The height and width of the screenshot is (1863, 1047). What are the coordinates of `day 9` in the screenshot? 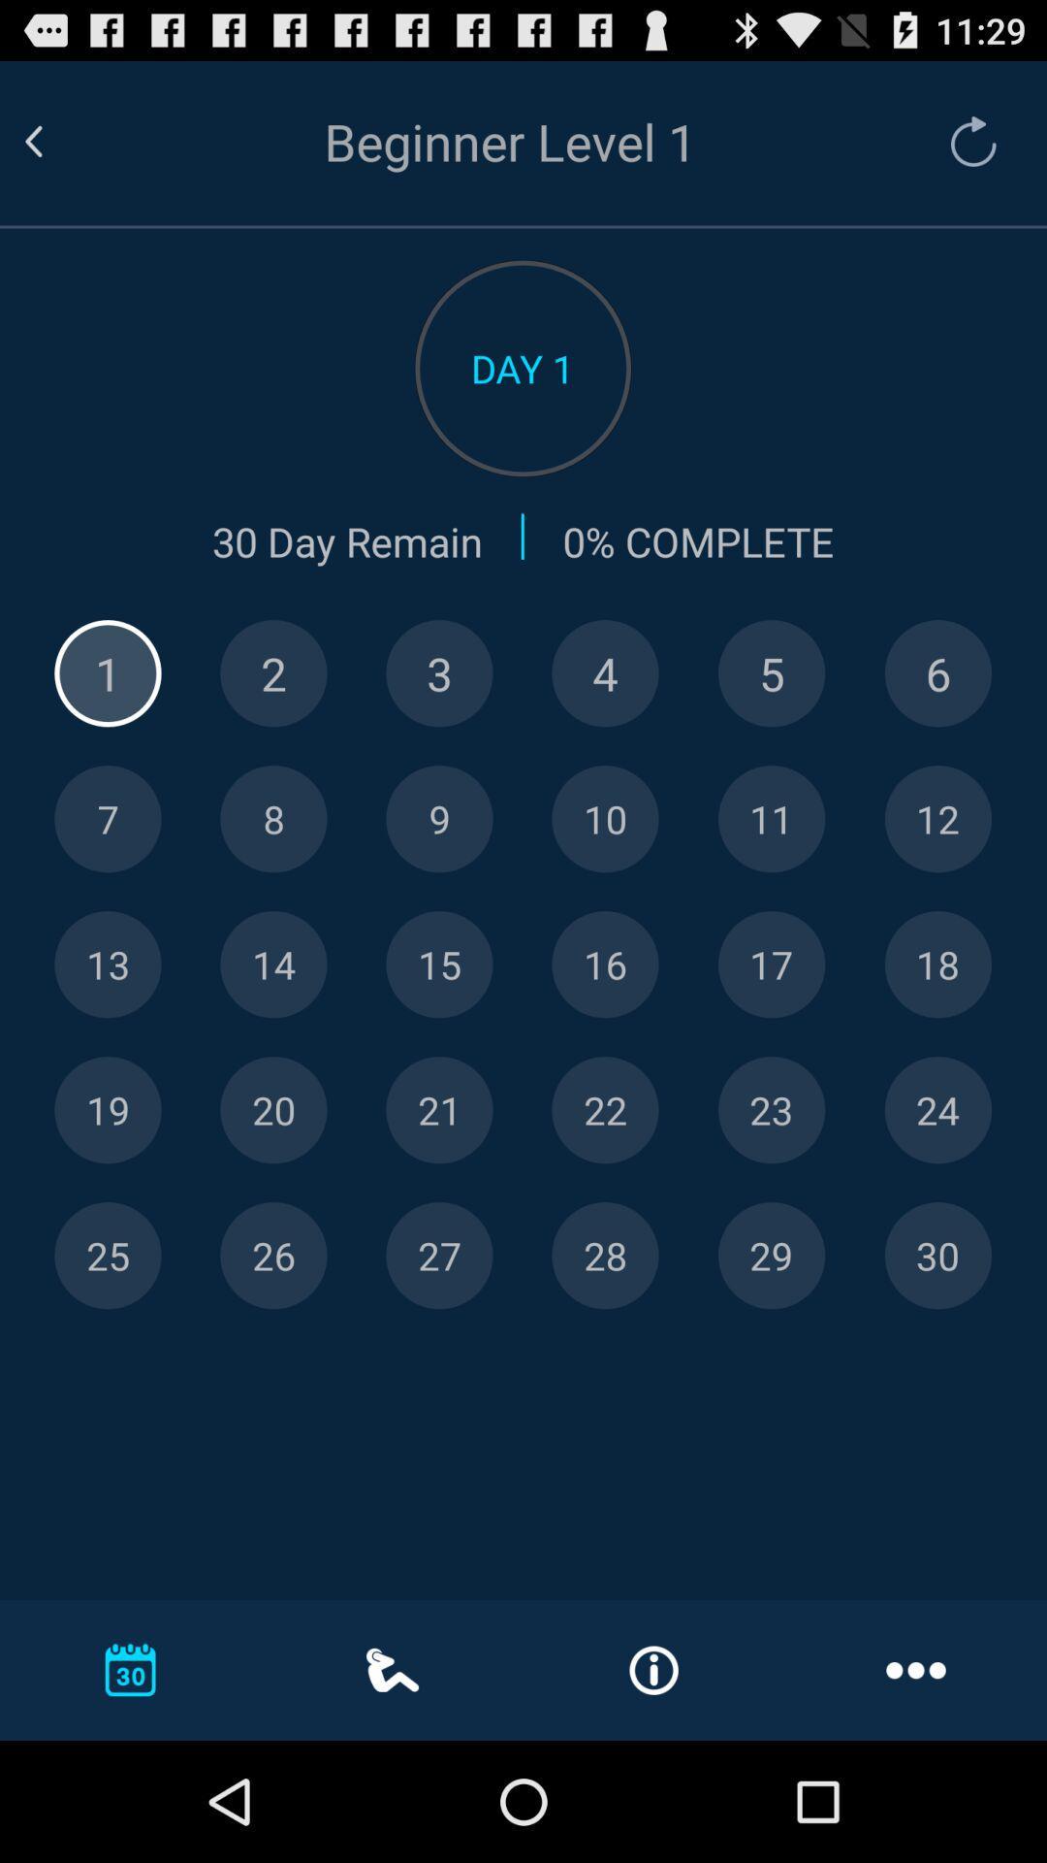 It's located at (439, 819).